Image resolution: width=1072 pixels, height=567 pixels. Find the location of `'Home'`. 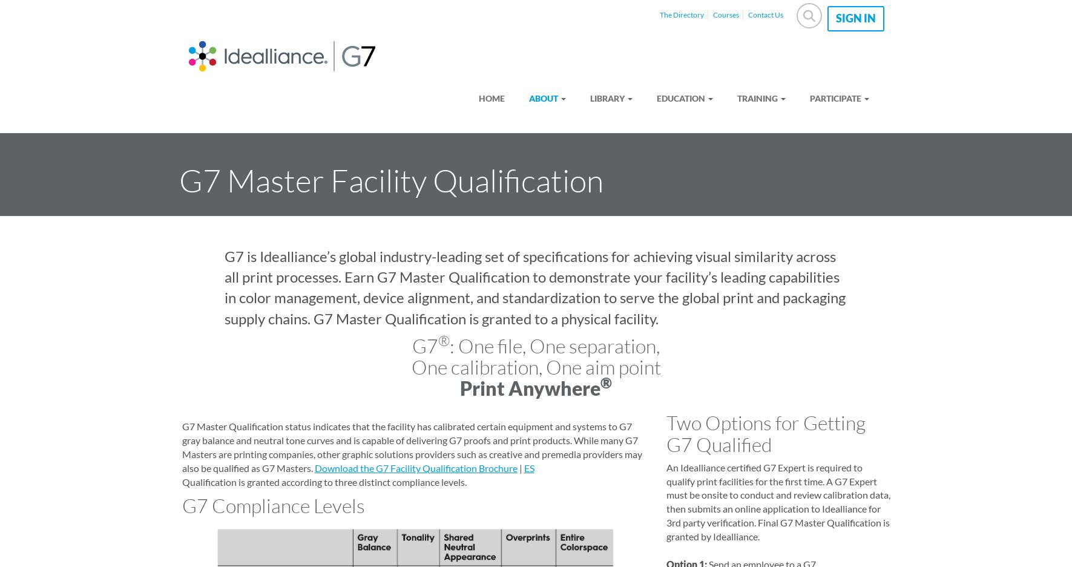

'Home' is located at coordinates (490, 97).